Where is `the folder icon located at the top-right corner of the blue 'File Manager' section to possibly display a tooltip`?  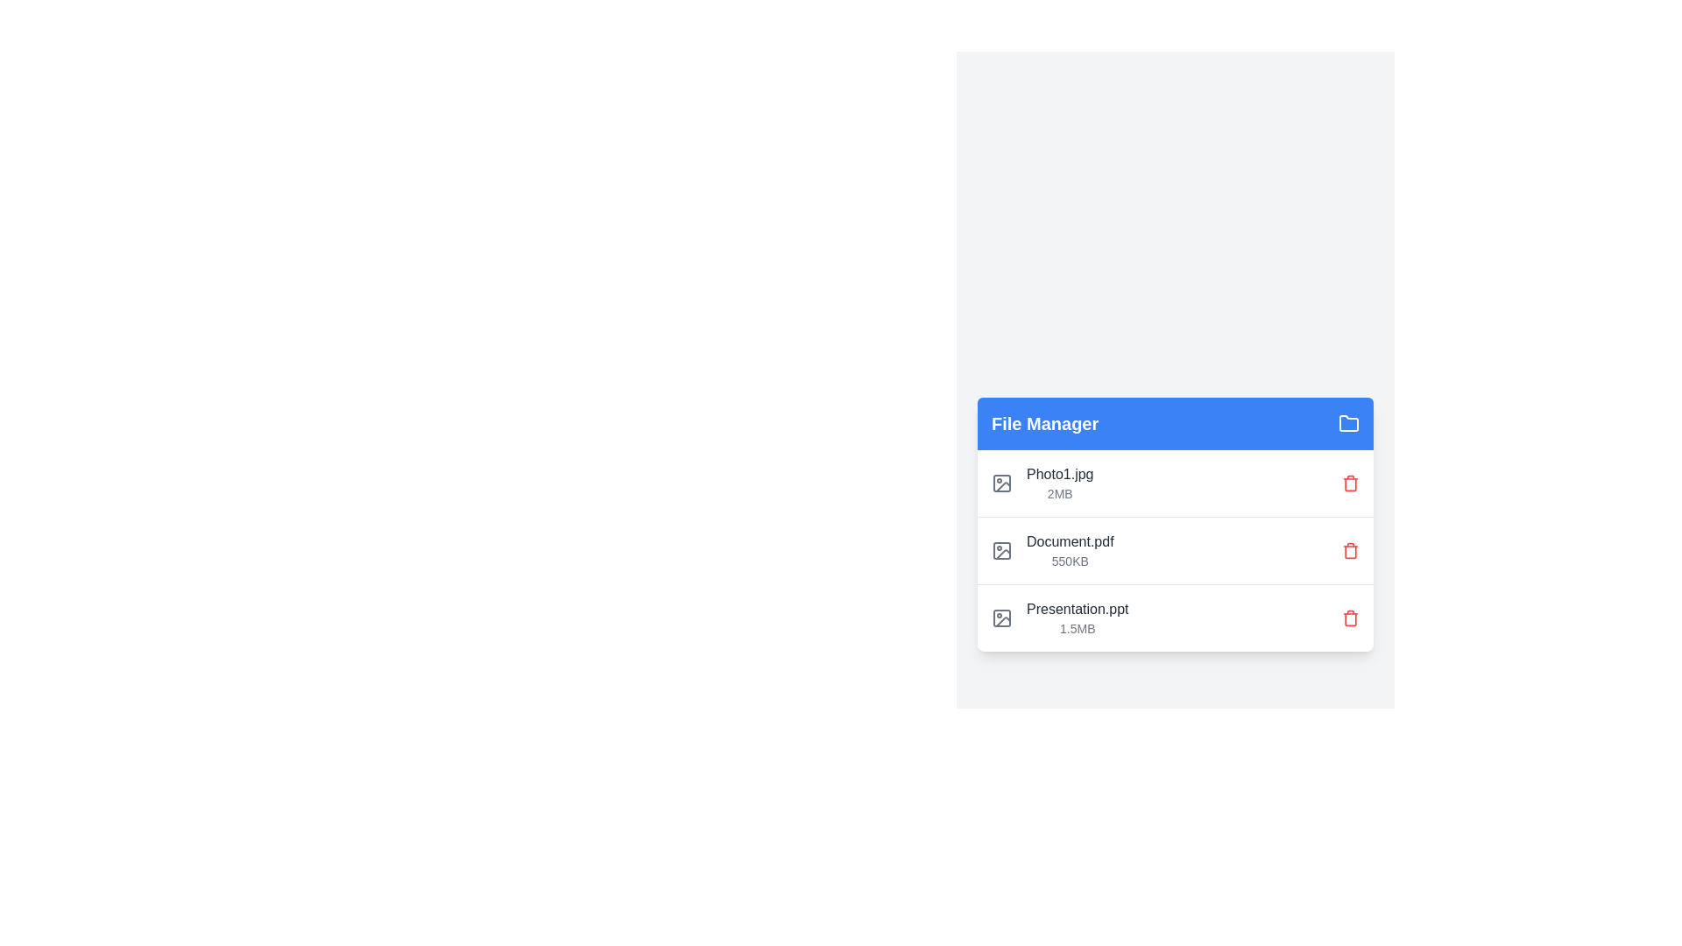
the folder icon located at the top-right corner of the blue 'File Manager' section to possibly display a tooltip is located at coordinates (1348, 423).